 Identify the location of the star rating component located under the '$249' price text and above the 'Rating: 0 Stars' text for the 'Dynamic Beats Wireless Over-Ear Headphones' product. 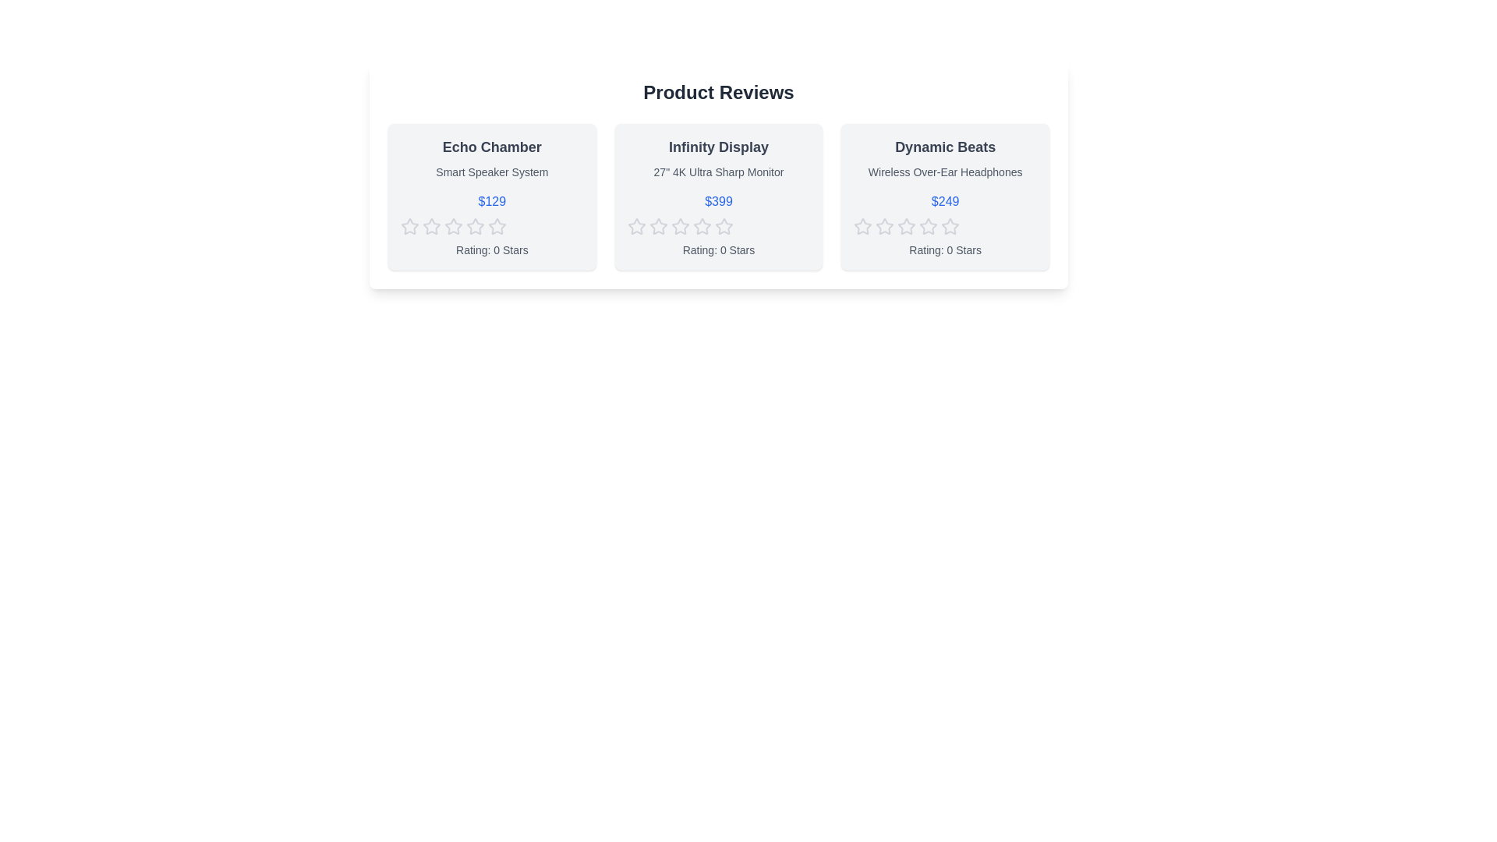
(944, 226).